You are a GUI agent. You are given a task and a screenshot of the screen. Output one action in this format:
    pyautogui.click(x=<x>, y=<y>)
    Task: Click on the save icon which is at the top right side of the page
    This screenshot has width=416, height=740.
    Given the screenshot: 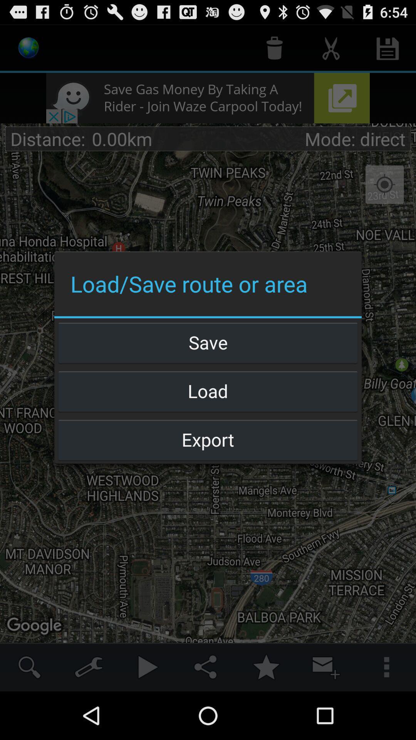 What is the action you would take?
    pyautogui.click(x=387, y=48)
    